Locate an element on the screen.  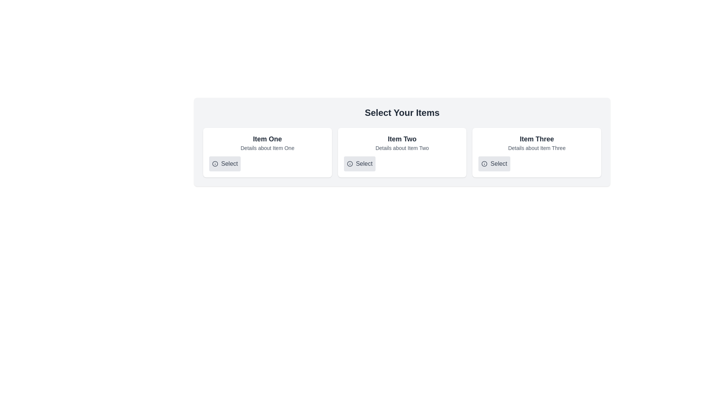
the third selectable button labeled 'Select' with an 'i' icon under the 'Item Three' section is located at coordinates (494, 163).